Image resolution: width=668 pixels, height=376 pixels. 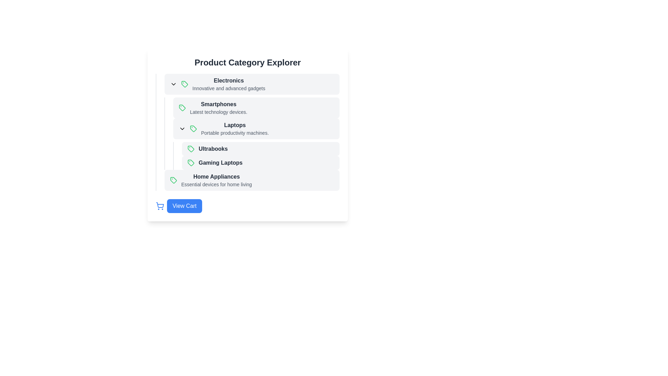 What do you see at coordinates (216, 184) in the screenshot?
I see `the label containing the text 'Essential devices for home living', which is styled in gray and located beneath the bold title 'Home Appliances' in the category menu` at bounding box center [216, 184].